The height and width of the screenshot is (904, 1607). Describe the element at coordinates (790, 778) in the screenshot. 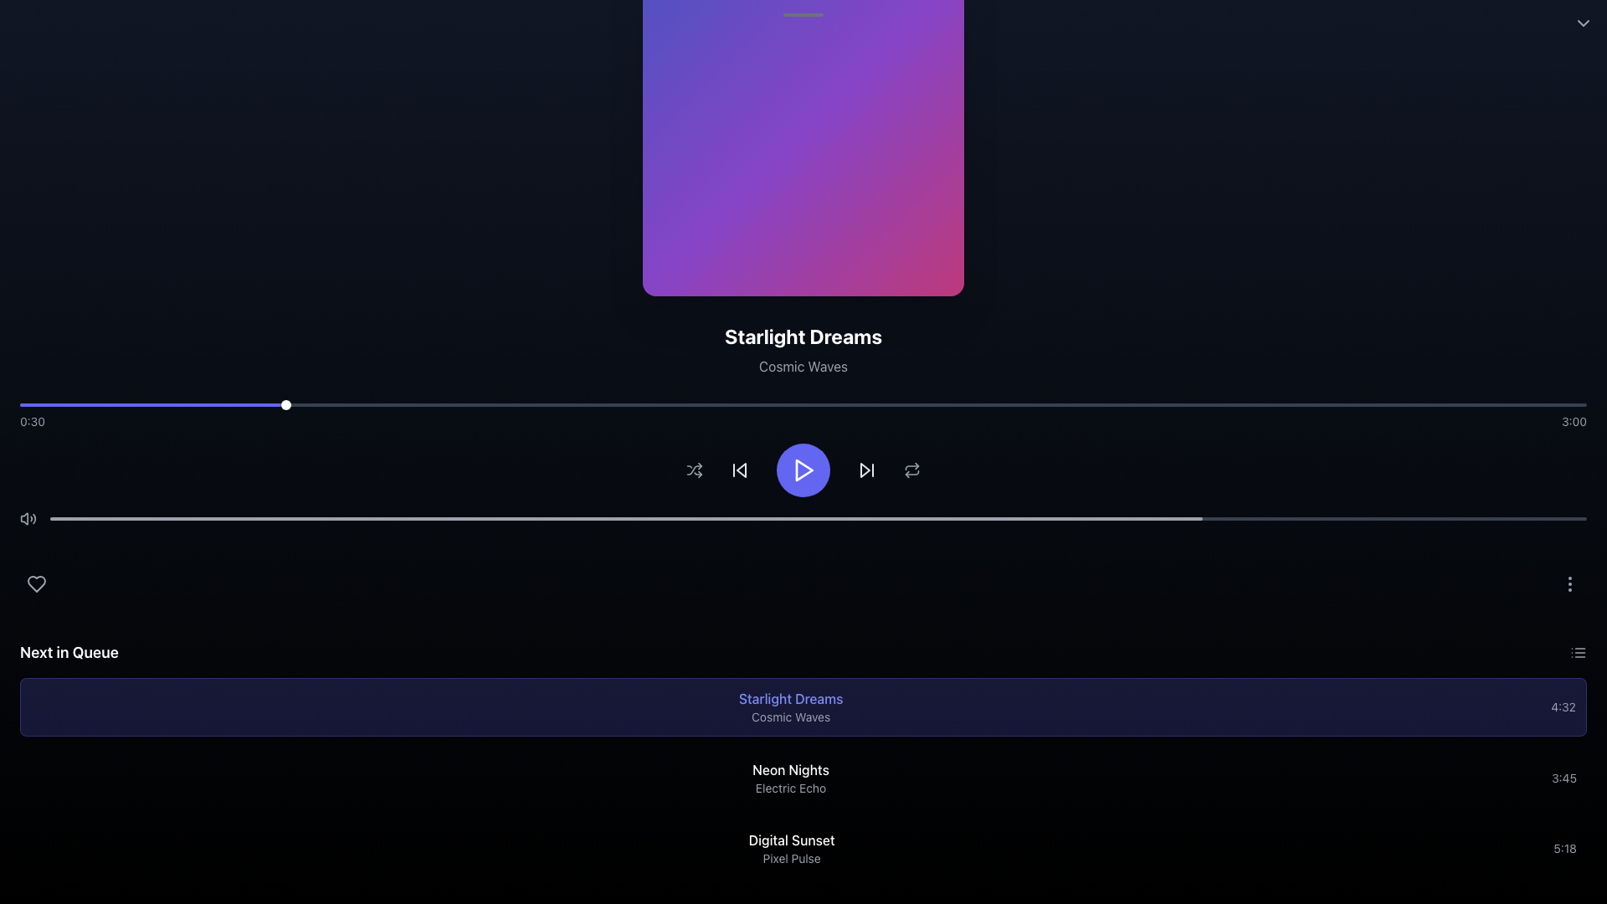

I see `the text-based display element that lists item details, positioned between 'Starlight Dreams' and 'Digital Sunset'` at that location.